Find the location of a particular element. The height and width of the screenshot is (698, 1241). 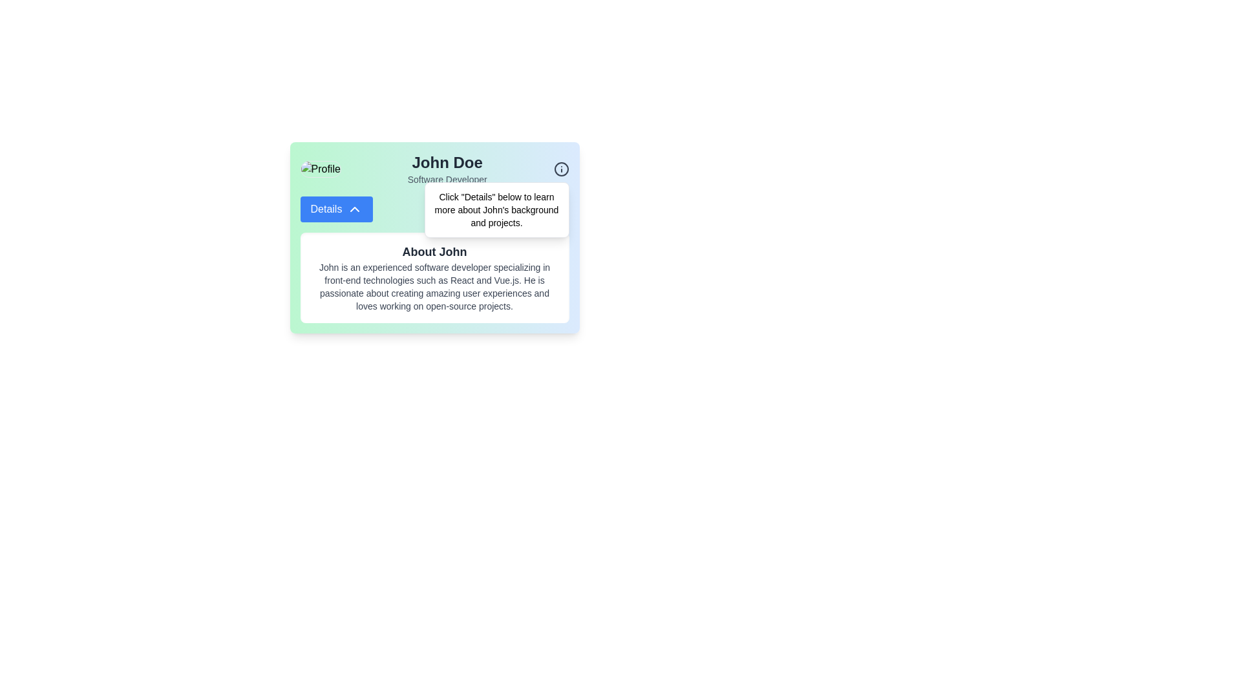

the circular profile image located at the top-left of the card interface, which displays a placeholder profile picture and is positioned to the left of the text 'John Doe' and 'Software Developer' is located at coordinates (321, 169).